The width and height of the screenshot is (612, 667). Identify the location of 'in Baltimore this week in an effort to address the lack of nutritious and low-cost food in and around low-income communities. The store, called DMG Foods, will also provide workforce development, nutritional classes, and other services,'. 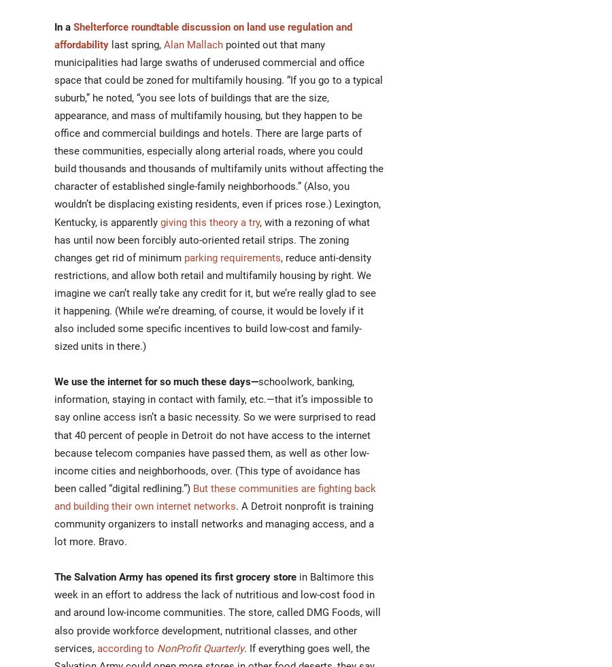
(217, 613).